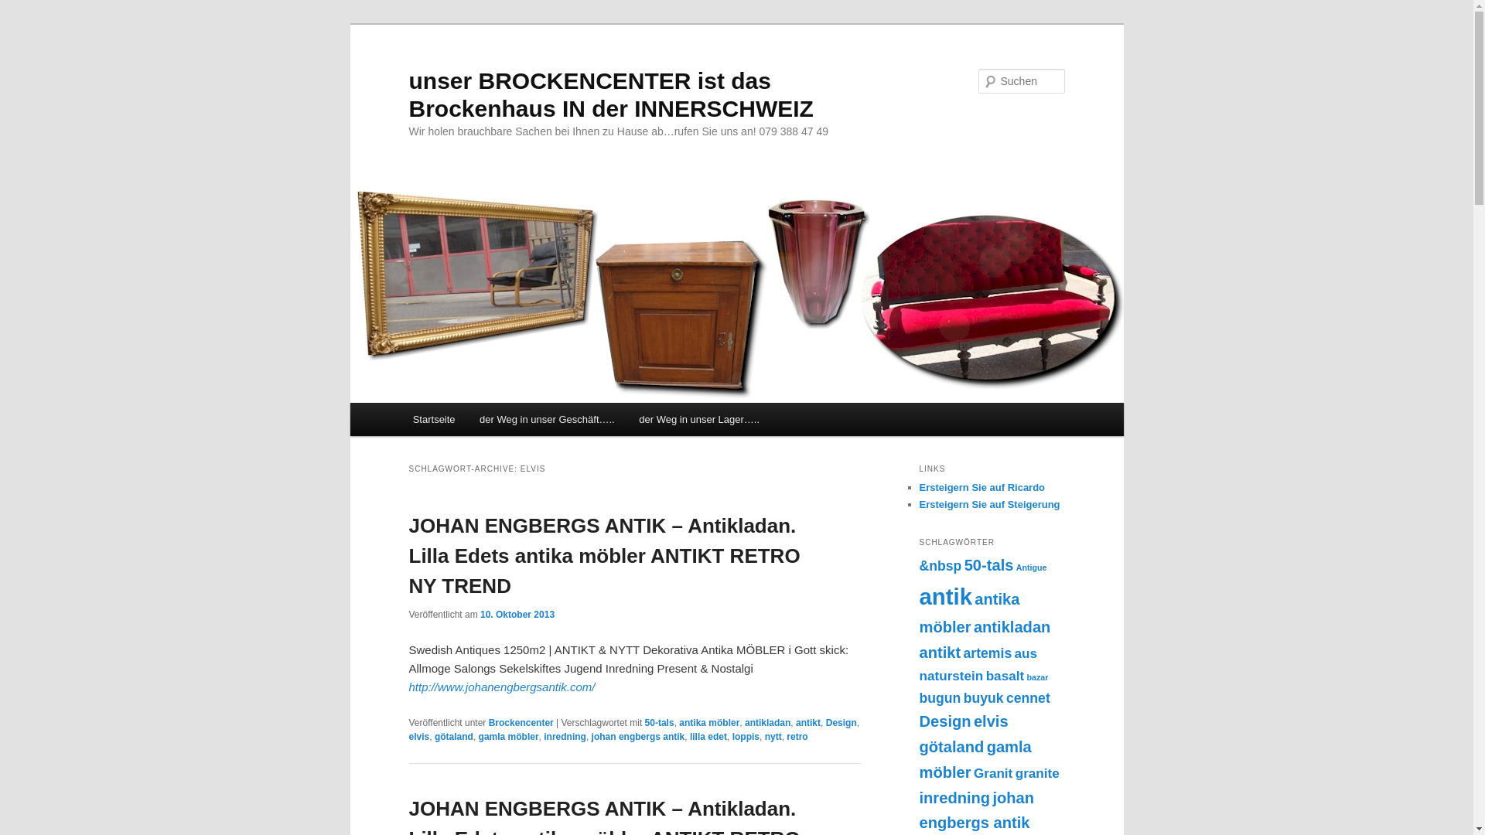  What do you see at coordinates (939, 566) in the screenshot?
I see `'&nbsp'` at bounding box center [939, 566].